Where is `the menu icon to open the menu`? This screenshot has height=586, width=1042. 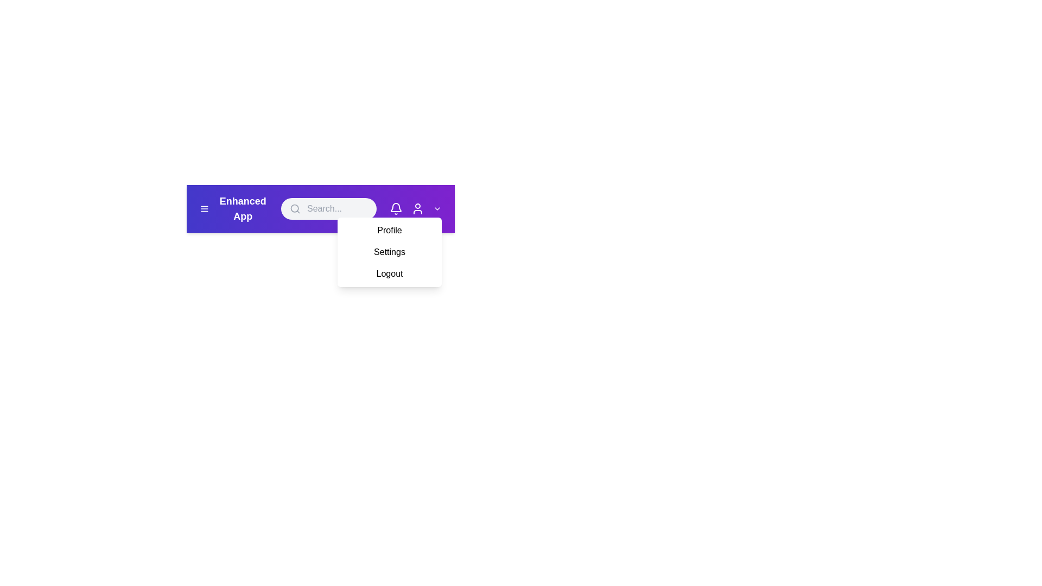
the menu icon to open the menu is located at coordinates (204, 209).